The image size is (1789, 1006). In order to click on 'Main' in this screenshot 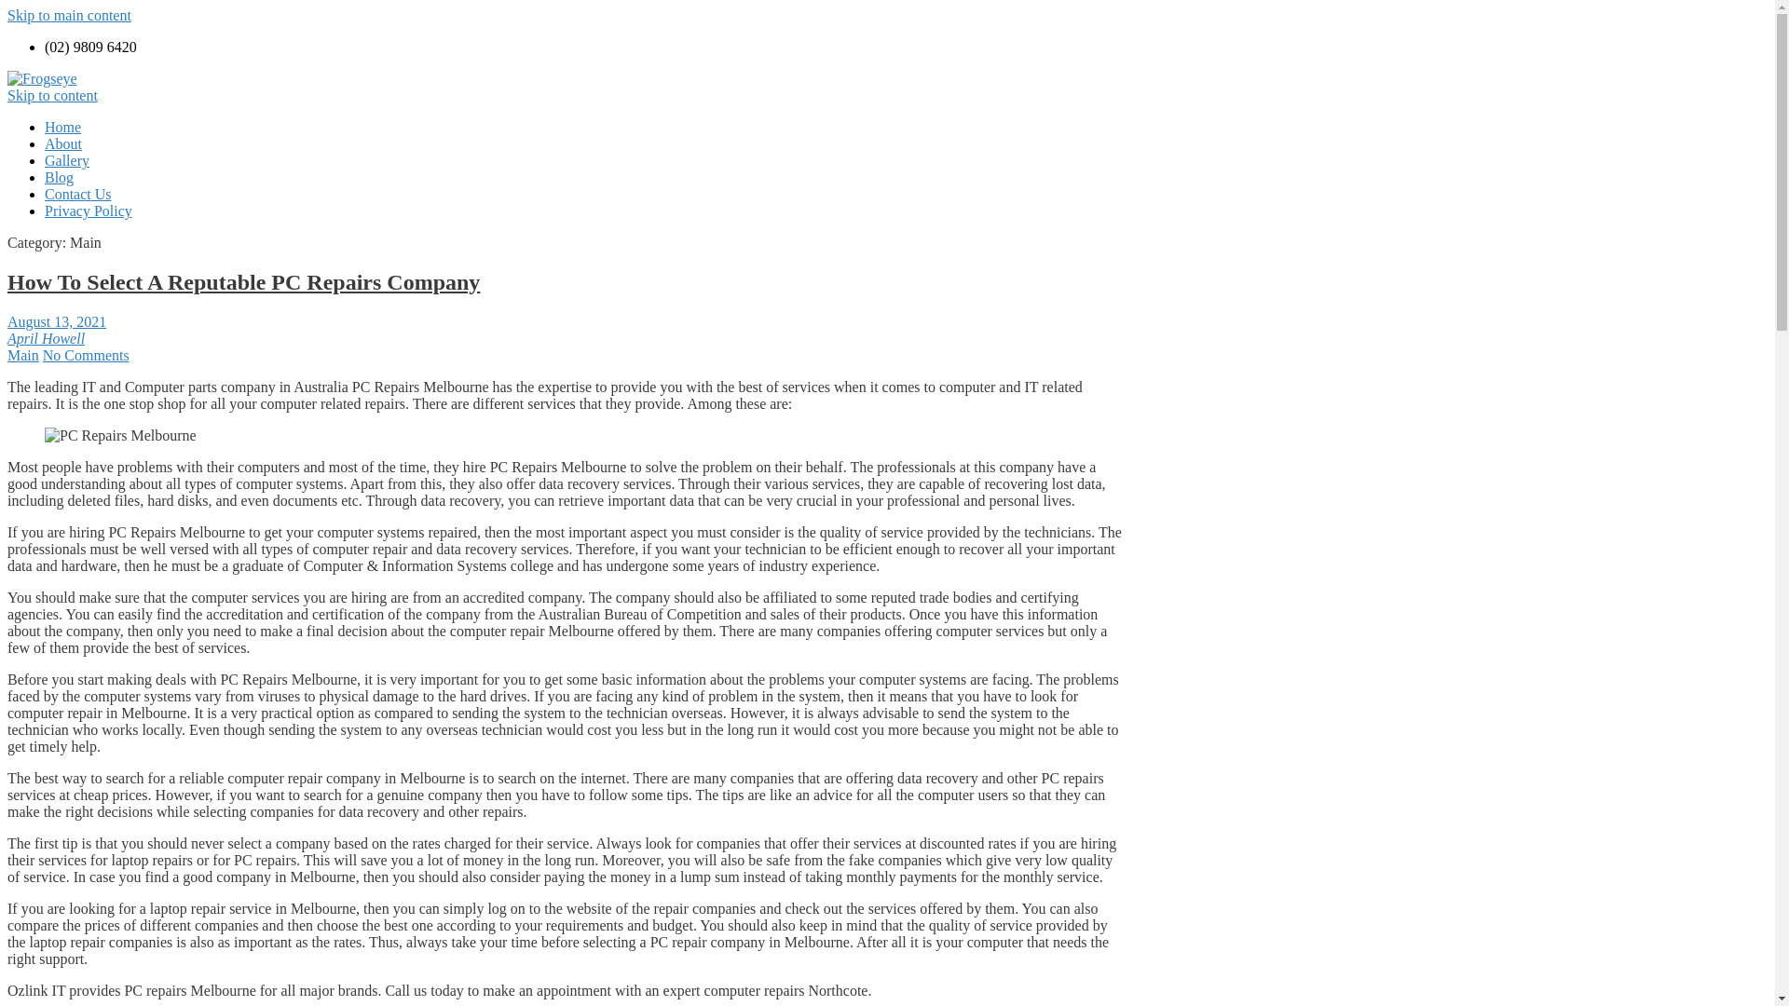, I will do `click(22, 355)`.